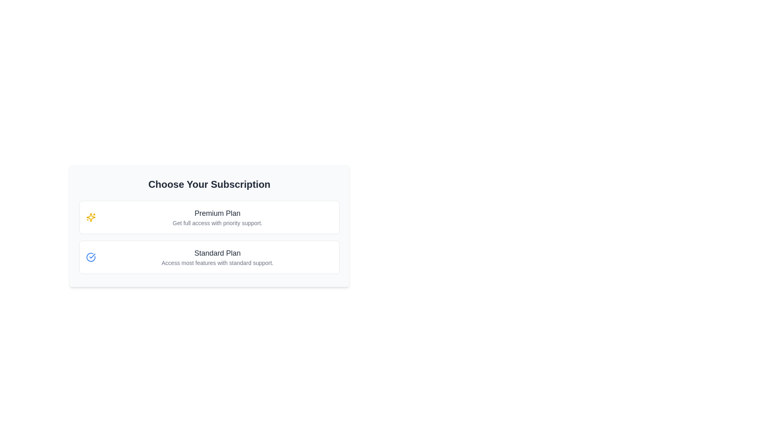 This screenshot has height=439, width=780. What do you see at coordinates (217, 217) in the screenshot?
I see `text content of the 'Premium Plan' Text Block, which includes the larger bolded text in dark gray and the smaller text in lighter gray located within the upper box of subscription options` at bounding box center [217, 217].